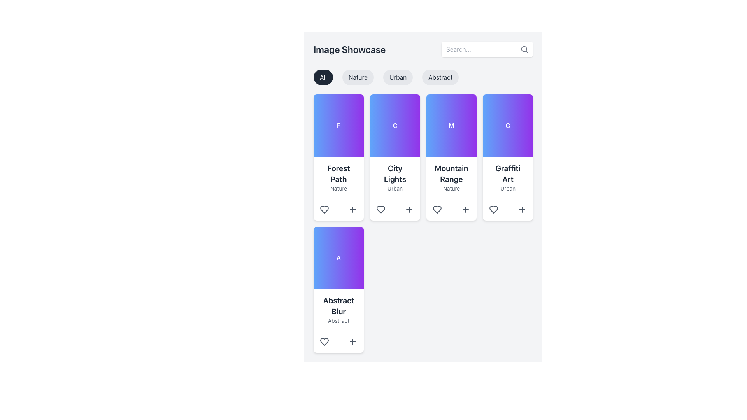 The width and height of the screenshot is (747, 420). What do you see at coordinates (338, 258) in the screenshot?
I see `the decorative element located in the fifth column of the card layout, positioned above the text 'Abstract Blur' and 'Abstract'` at bounding box center [338, 258].